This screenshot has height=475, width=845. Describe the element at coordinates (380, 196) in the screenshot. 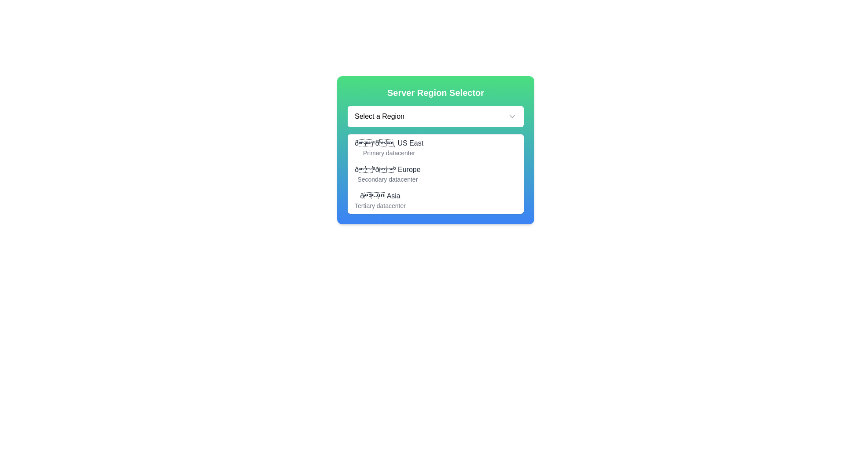

I see `the text label with the icon that displays '🌏 Asia' in gray, located in the dropdown menu under 'Server Region Selector'` at that location.